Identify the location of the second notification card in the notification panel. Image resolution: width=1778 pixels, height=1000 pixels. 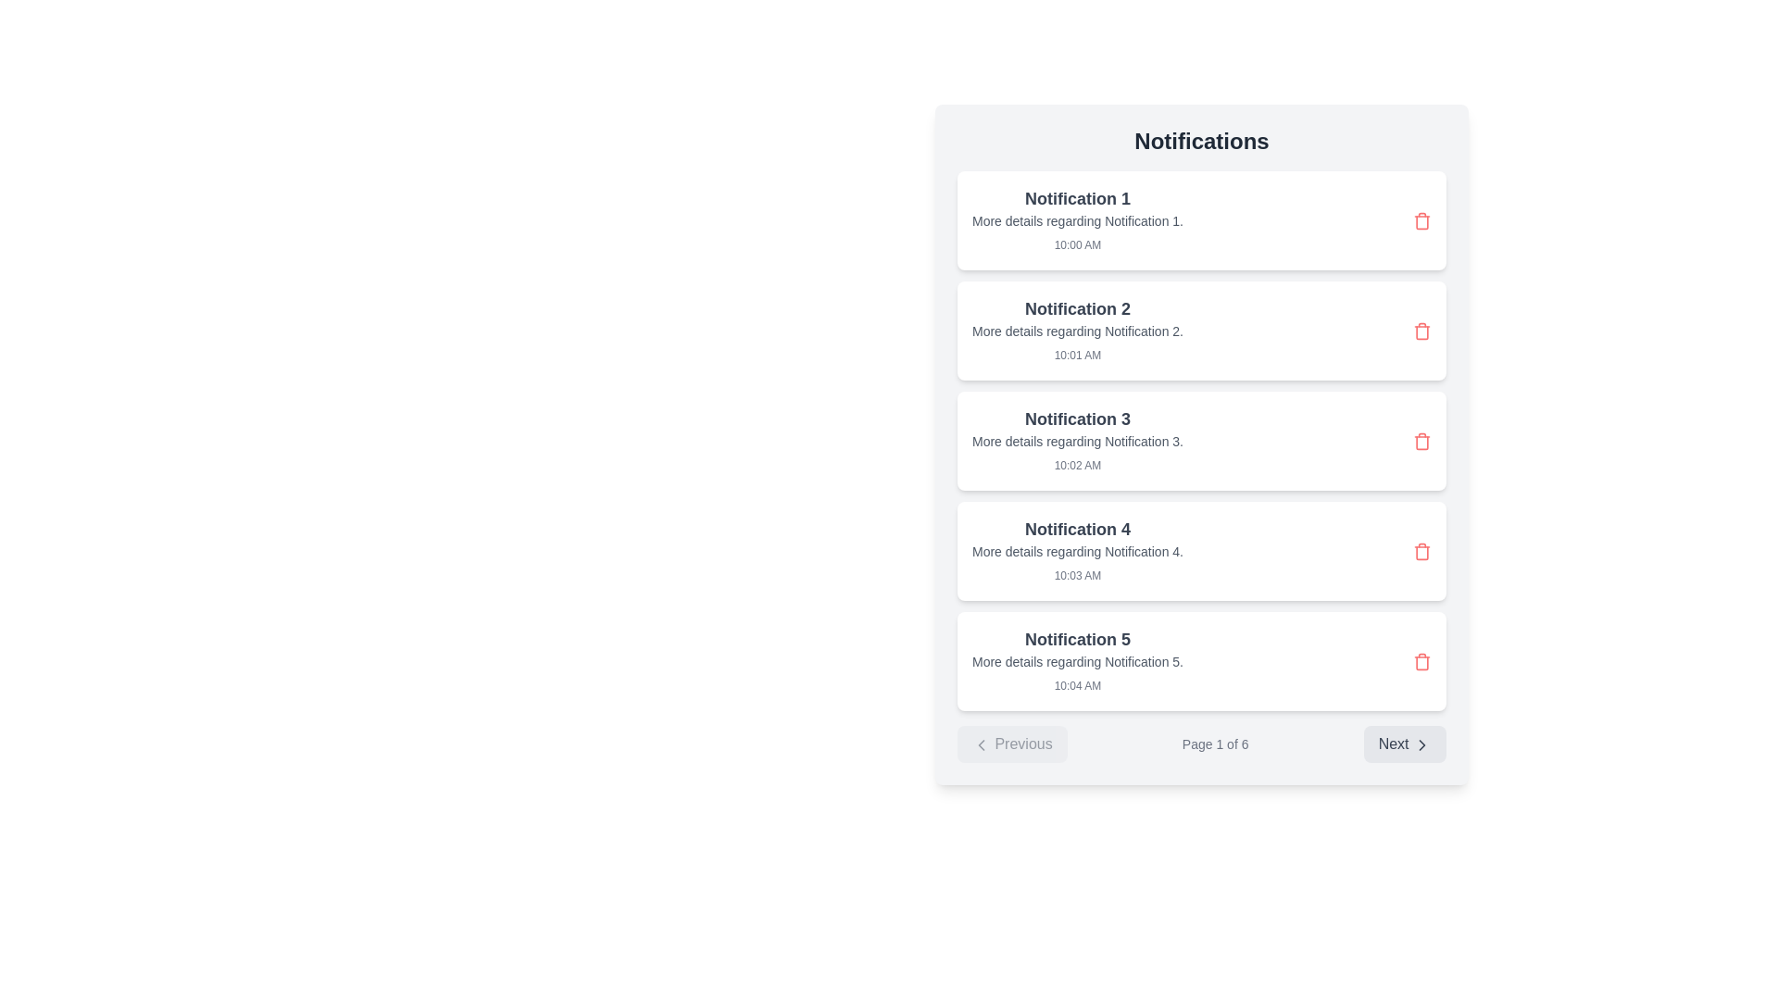
(1201, 330).